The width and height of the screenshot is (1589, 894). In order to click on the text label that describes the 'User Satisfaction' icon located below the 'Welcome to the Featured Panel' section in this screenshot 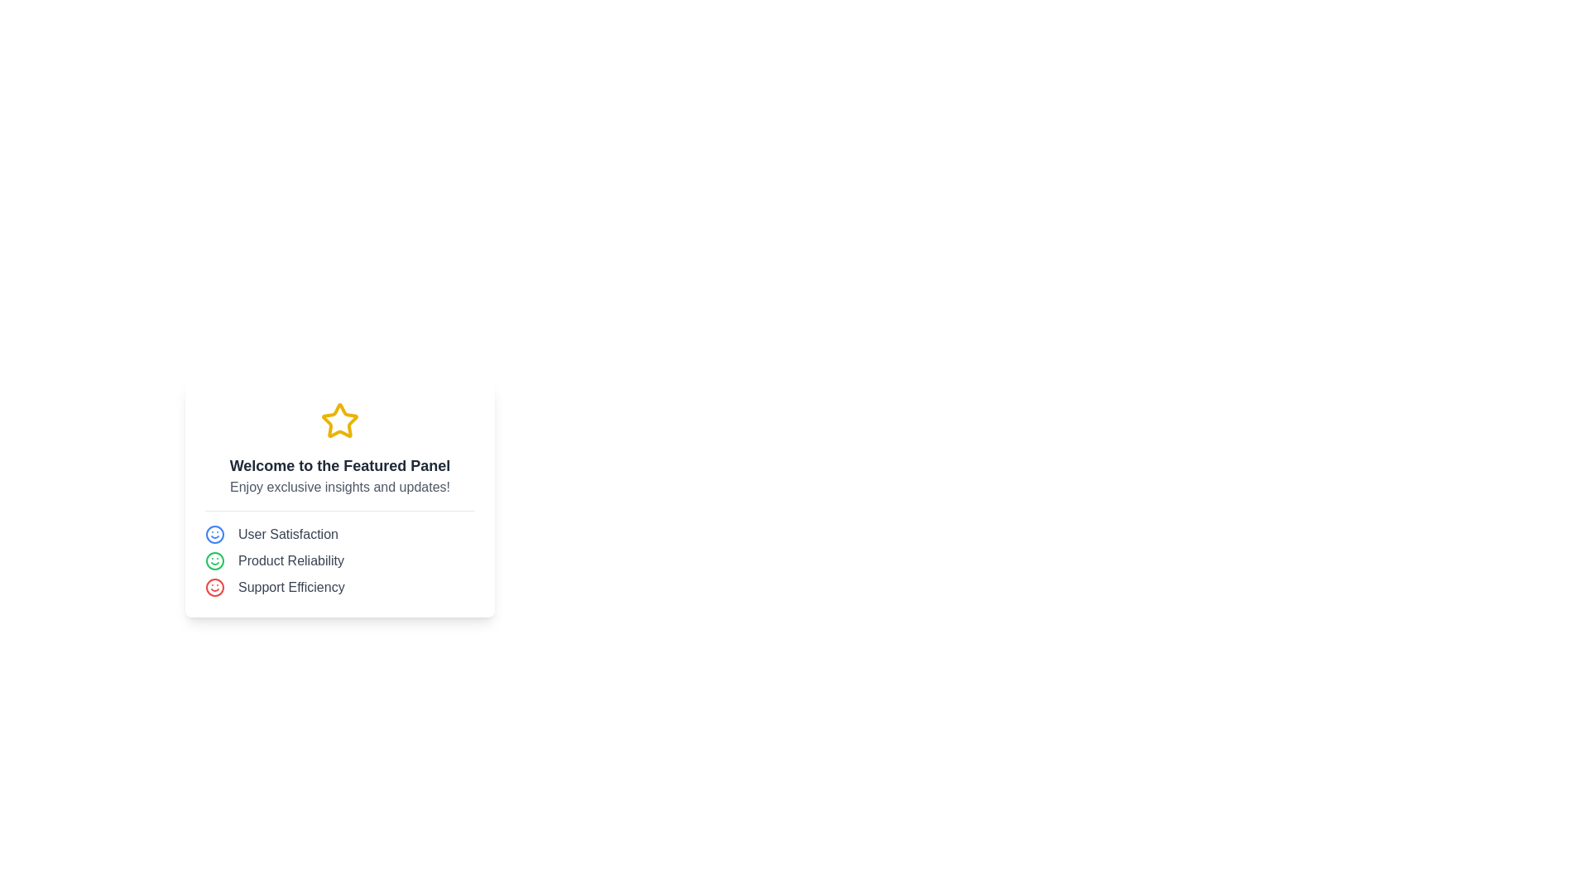, I will do `click(288, 534)`.